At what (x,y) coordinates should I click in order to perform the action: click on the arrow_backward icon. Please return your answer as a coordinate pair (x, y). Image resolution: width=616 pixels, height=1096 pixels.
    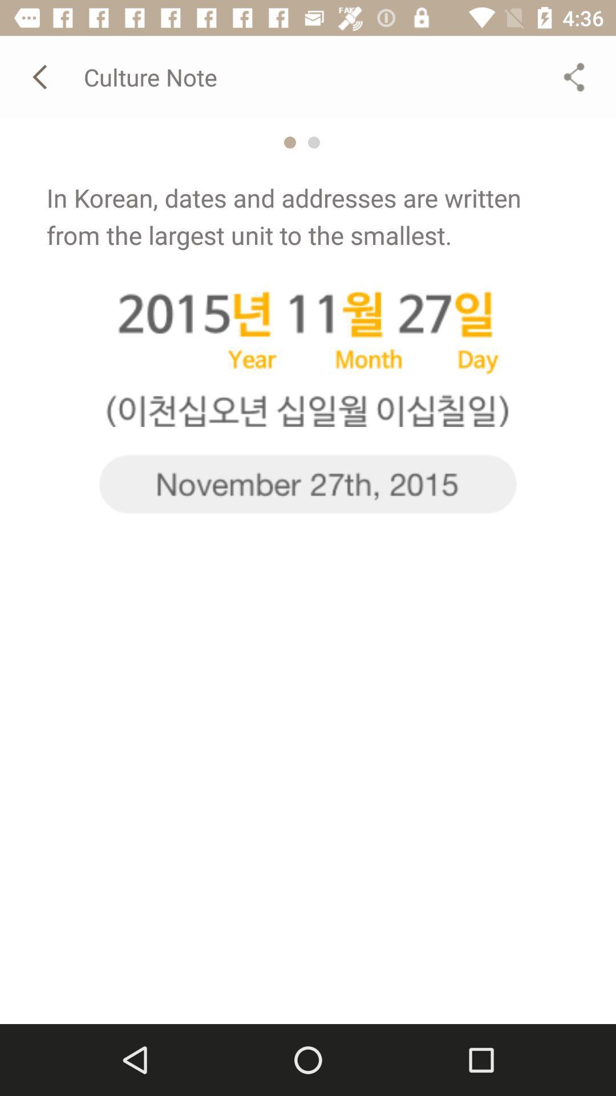
    Looking at the image, I should click on (41, 76).